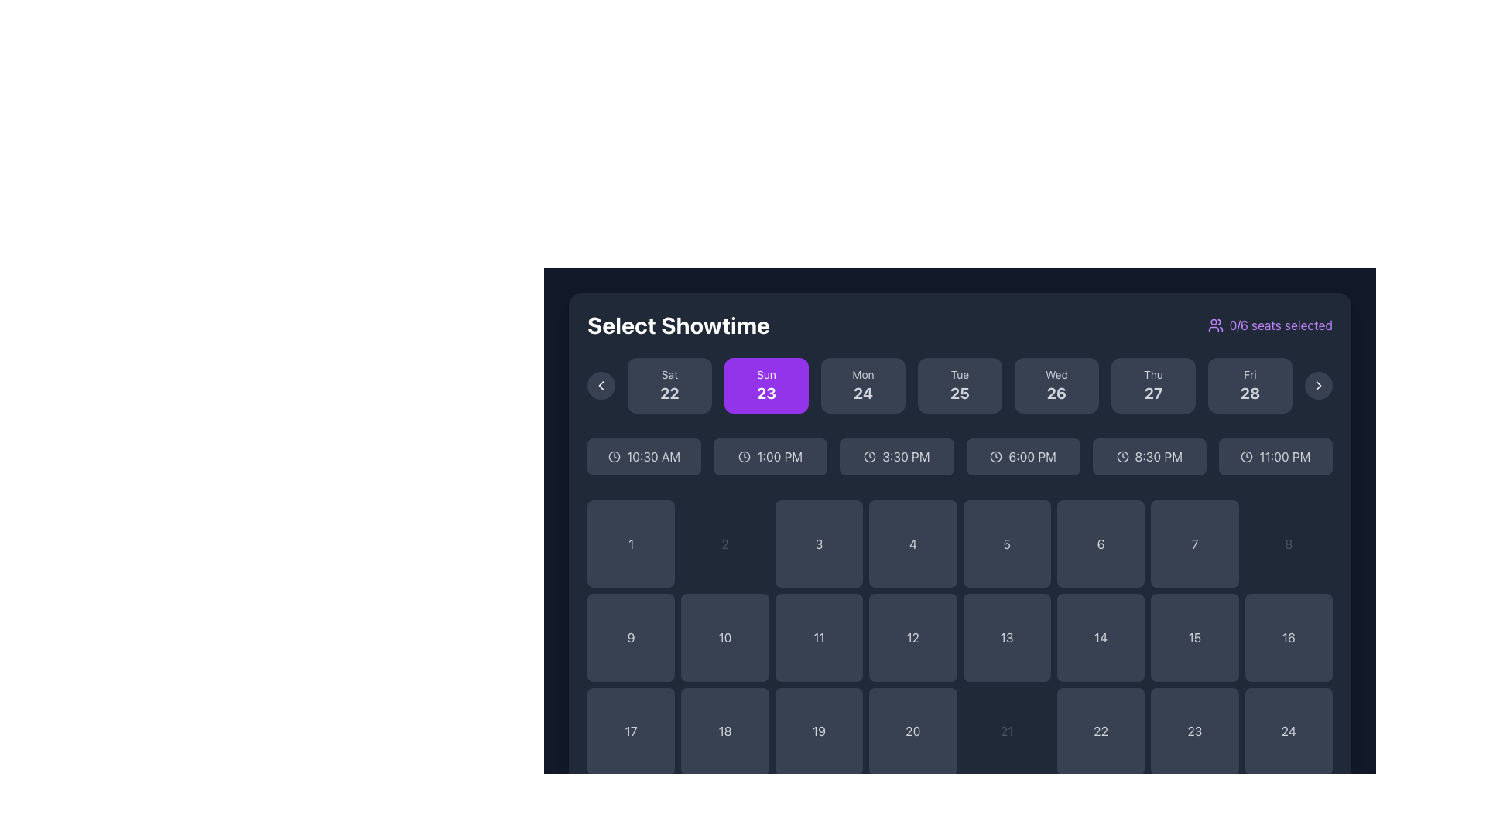  What do you see at coordinates (896, 455) in the screenshot?
I see `the selectable time slot button for the 3:30 PM showtime` at bounding box center [896, 455].